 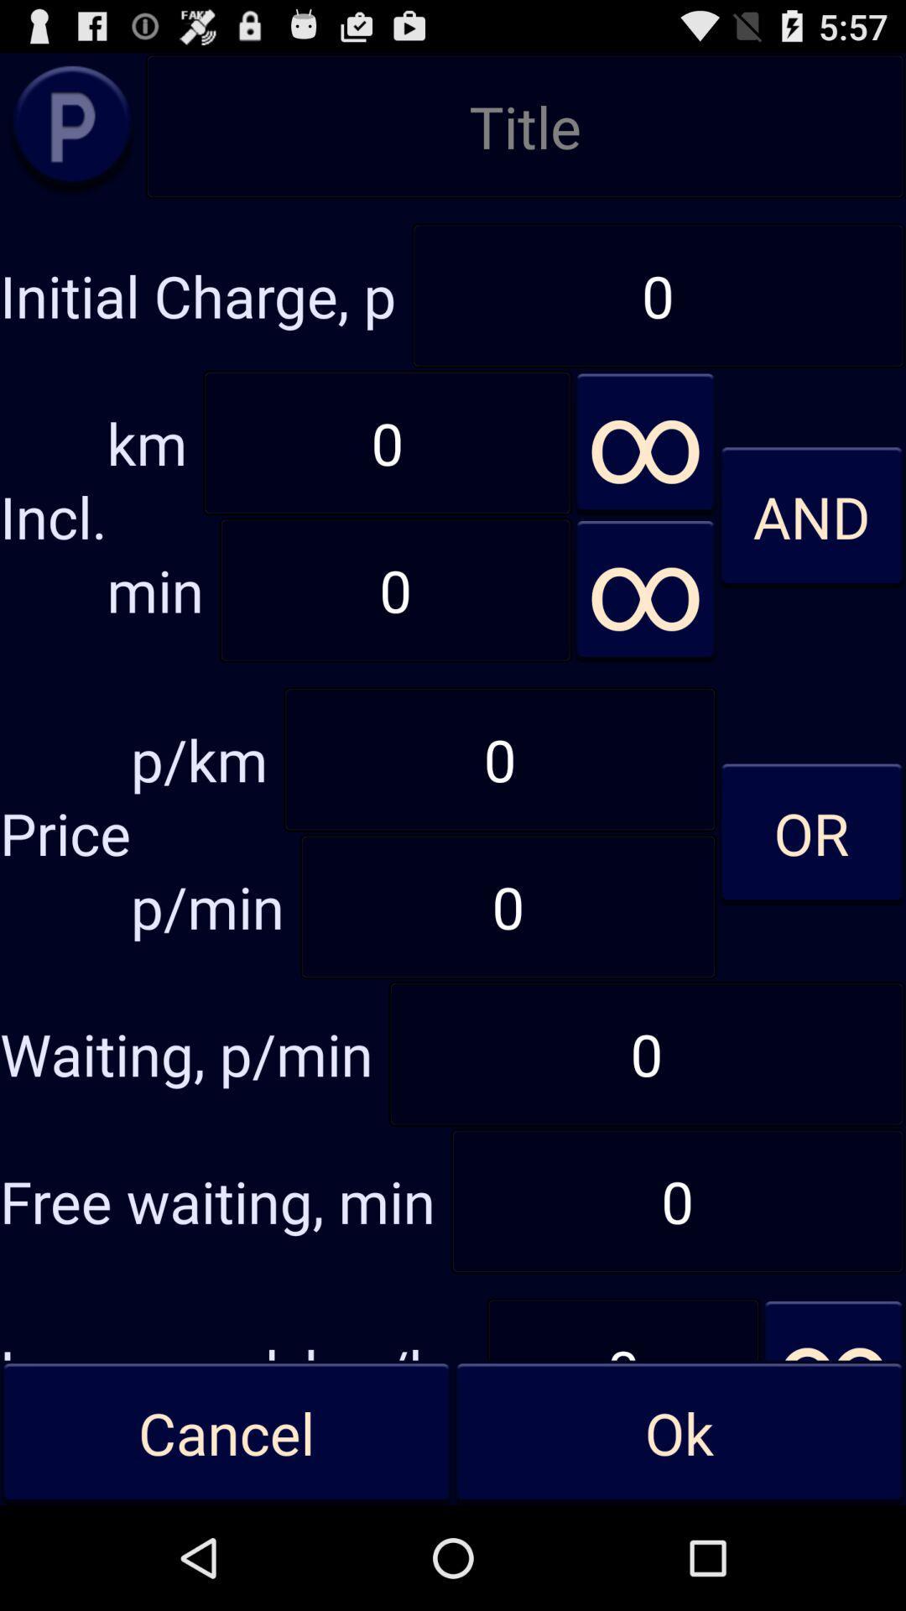 What do you see at coordinates (811, 833) in the screenshot?
I see `or` at bounding box center [811, 833].